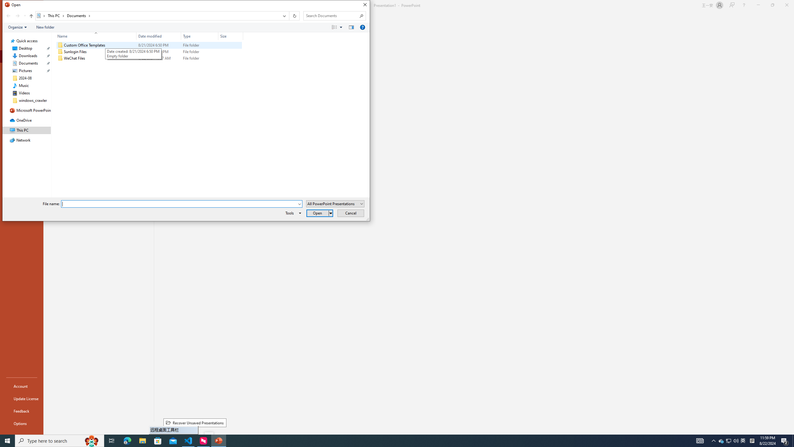  I want to click on 'Recent locations', so click(24, 16).